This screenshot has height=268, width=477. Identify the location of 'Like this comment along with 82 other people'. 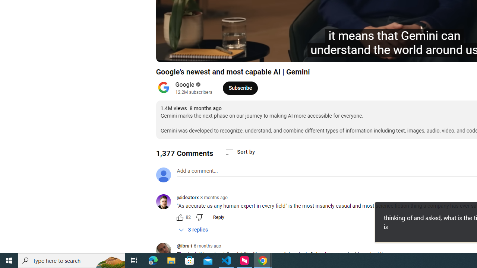
(180, 217).